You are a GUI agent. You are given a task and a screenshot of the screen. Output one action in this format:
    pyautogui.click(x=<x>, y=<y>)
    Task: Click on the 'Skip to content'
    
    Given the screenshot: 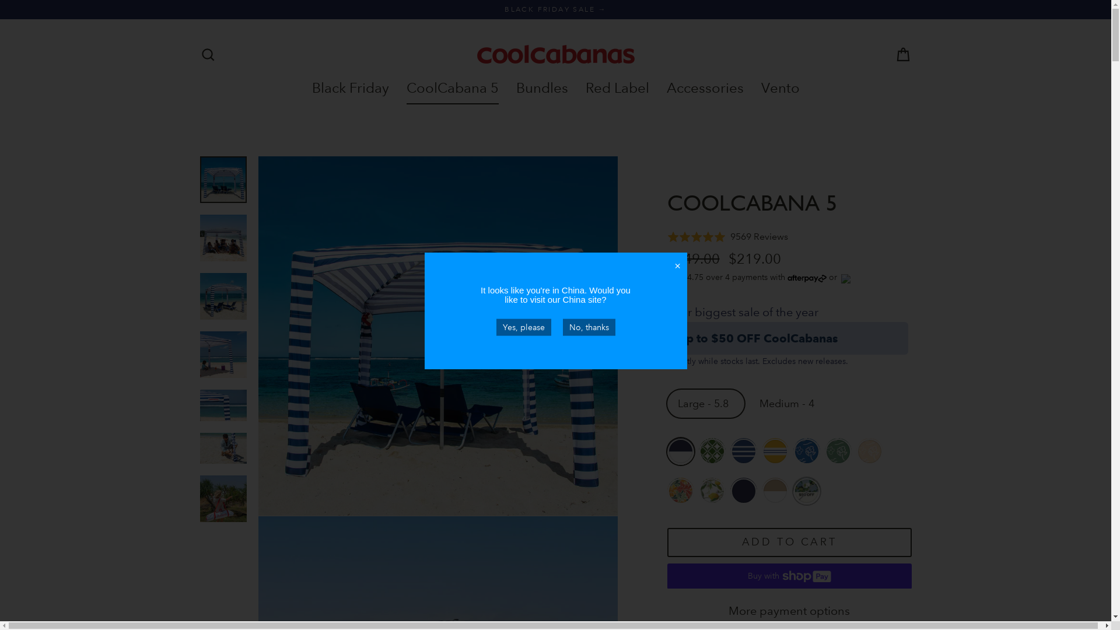 What is the action you would take?
    pyautogui.click(x=0, y=0)
    